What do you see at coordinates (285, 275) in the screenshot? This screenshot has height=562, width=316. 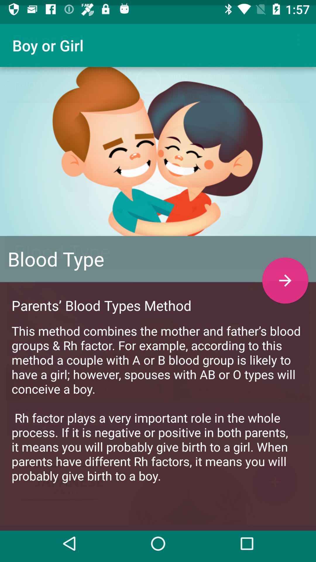 I see `the next page` at bounding box center [285, 275].